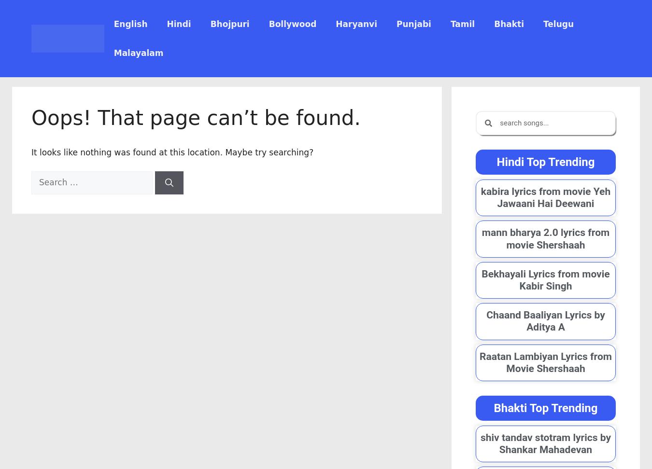 The image size is (652, 469). Describe the element at coordinates (113, 24) in the screenshot. I see `'English'` at that location.